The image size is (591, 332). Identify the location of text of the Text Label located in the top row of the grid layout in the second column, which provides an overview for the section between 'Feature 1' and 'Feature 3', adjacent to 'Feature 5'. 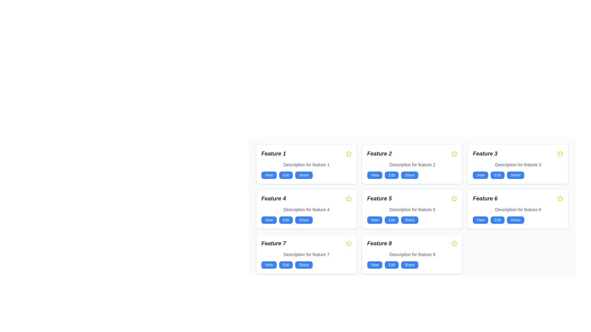
(379, 153).